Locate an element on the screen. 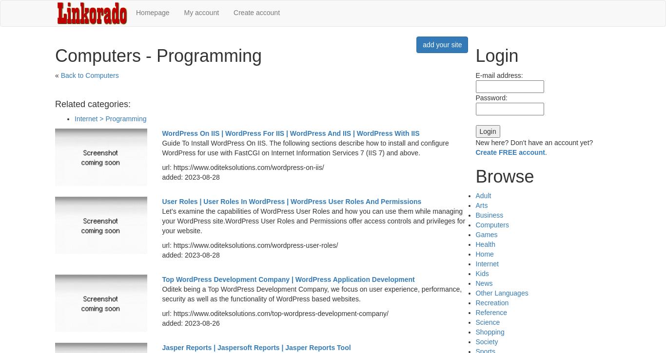 The image size is (666, 353). 'Top WordPress Development Company | WordPress Application Development' is located at coordinates (288, 279).